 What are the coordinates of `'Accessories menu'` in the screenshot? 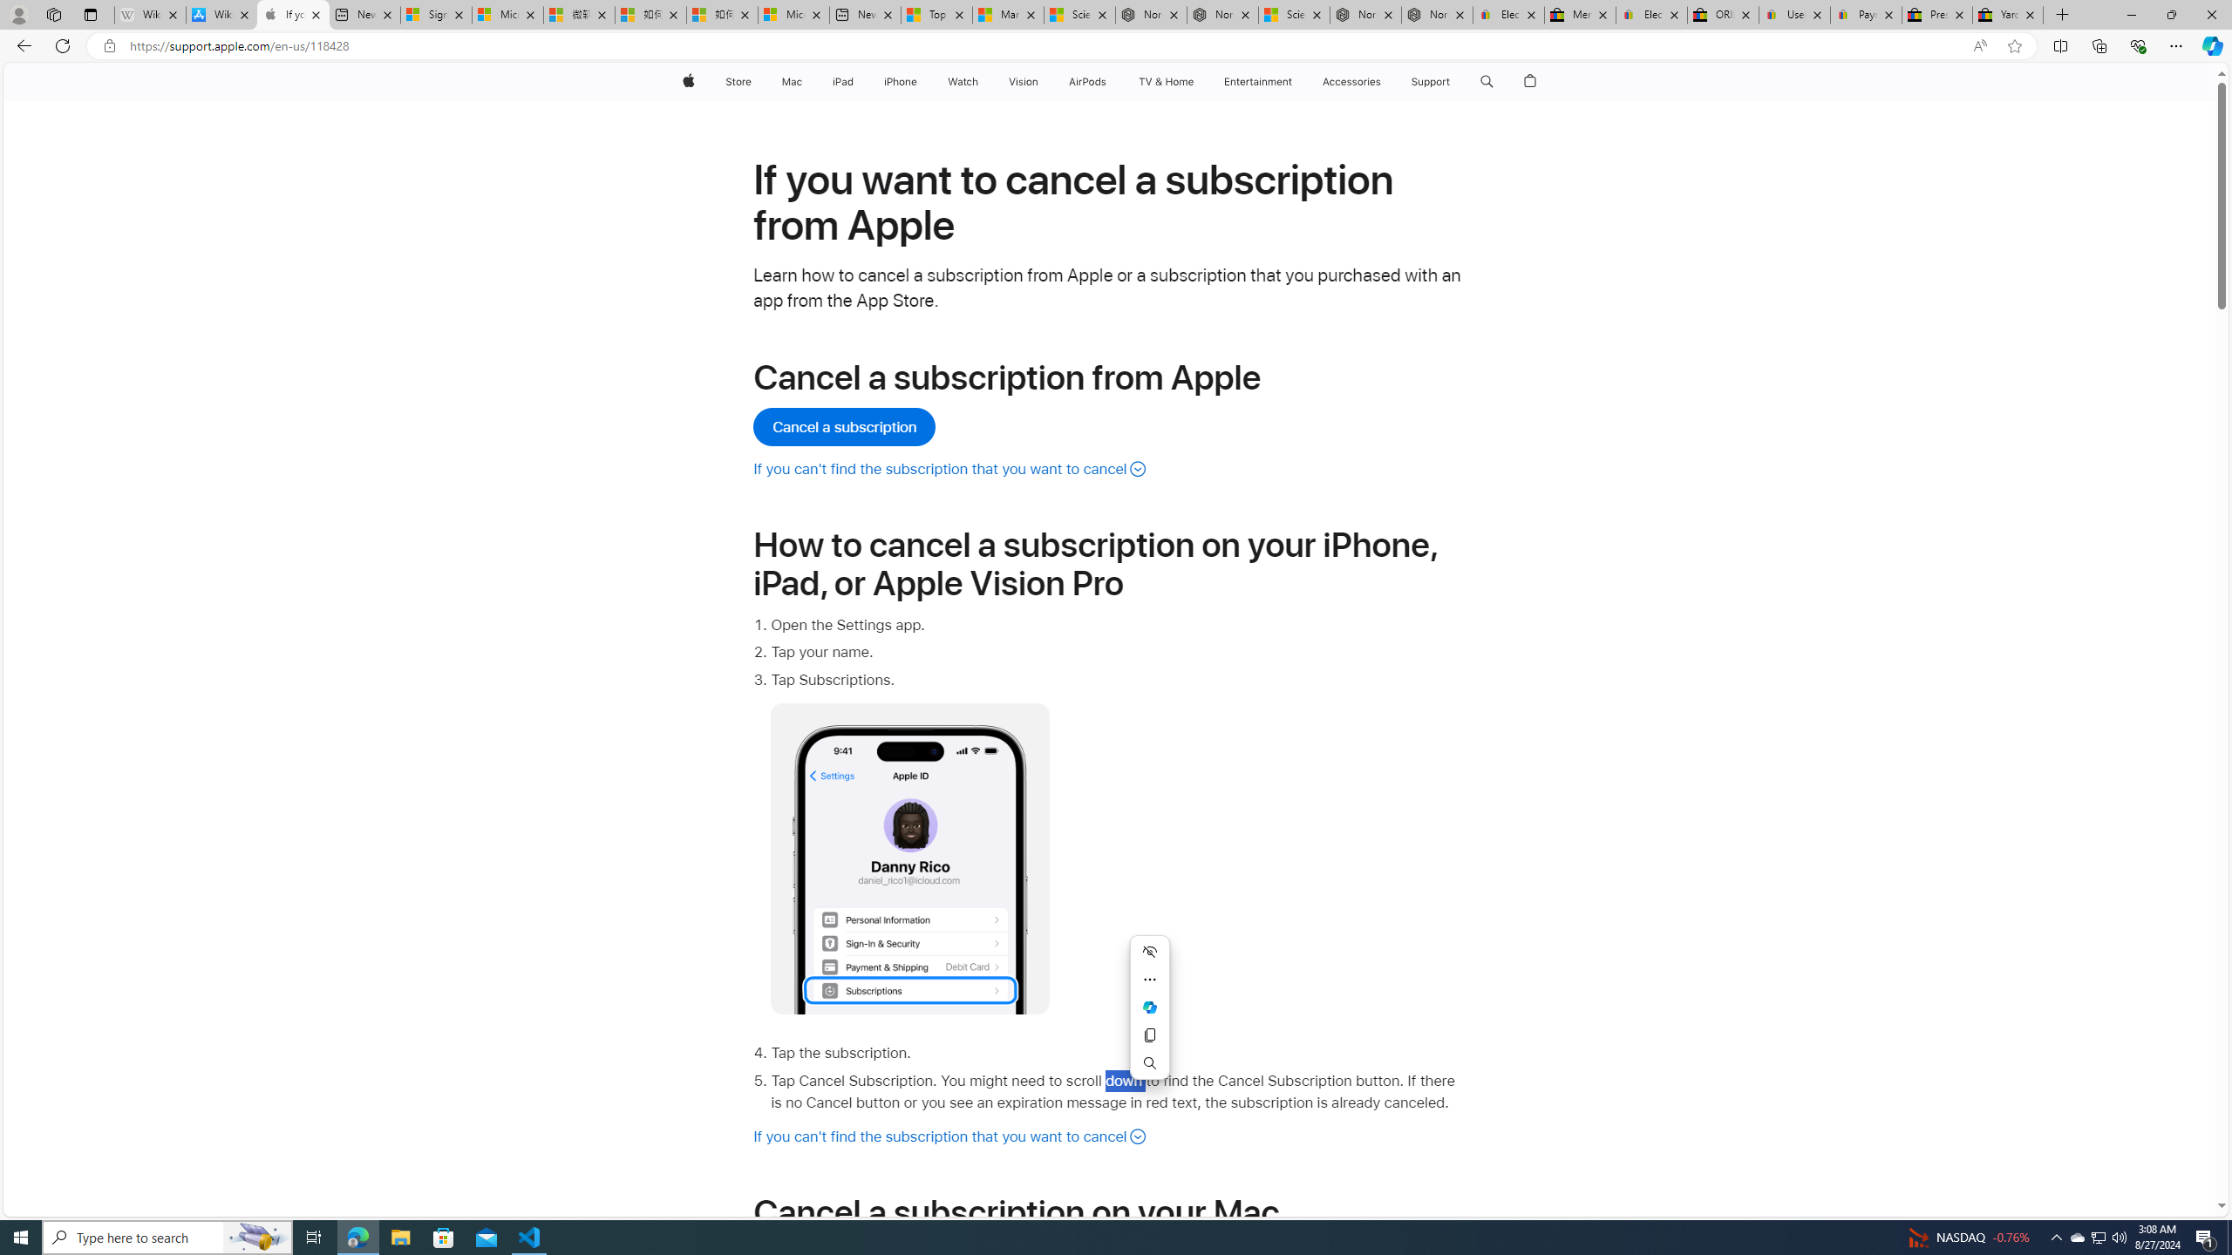 It's located at (1384, 81).